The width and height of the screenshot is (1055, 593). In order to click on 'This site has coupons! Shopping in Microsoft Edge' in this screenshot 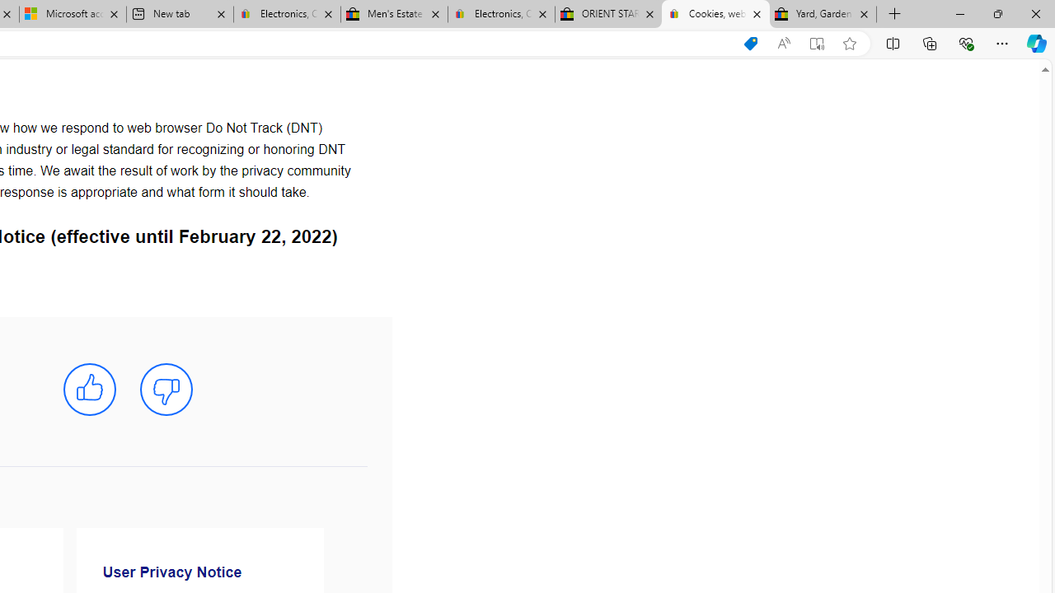, I will do `click(749, 43)`.